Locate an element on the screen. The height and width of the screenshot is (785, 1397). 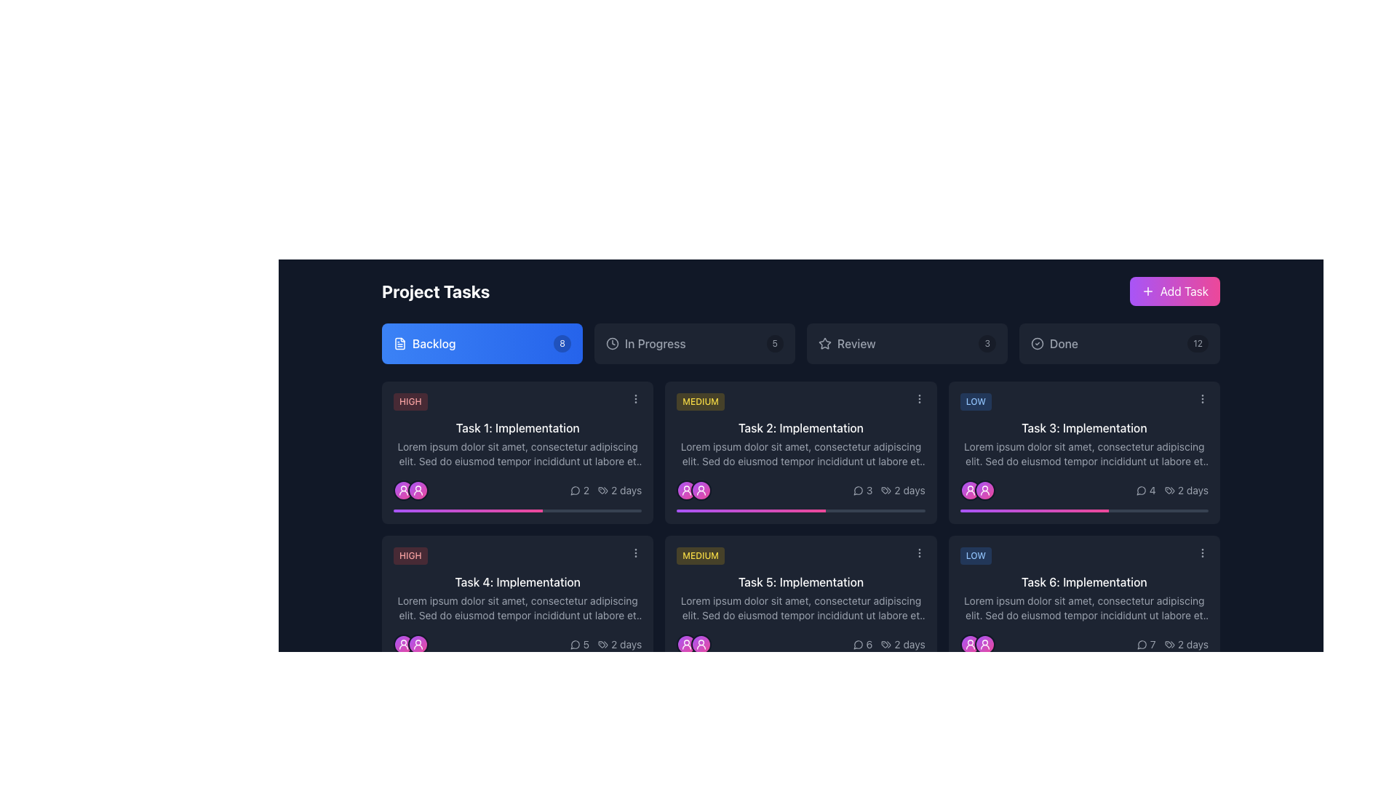
the Task card located in the top-left corner of the project management dashboard is located at coordinates (517, 452).